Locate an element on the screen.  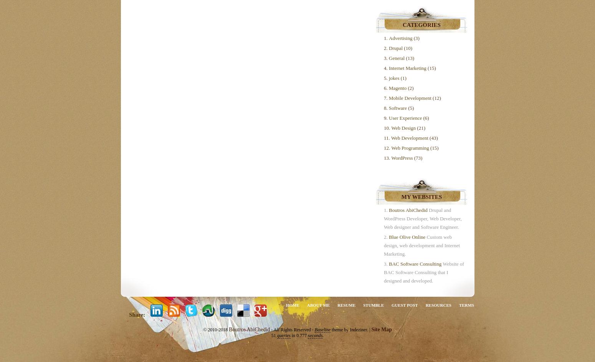
'WordPress' is located at coordinates (402, 157).